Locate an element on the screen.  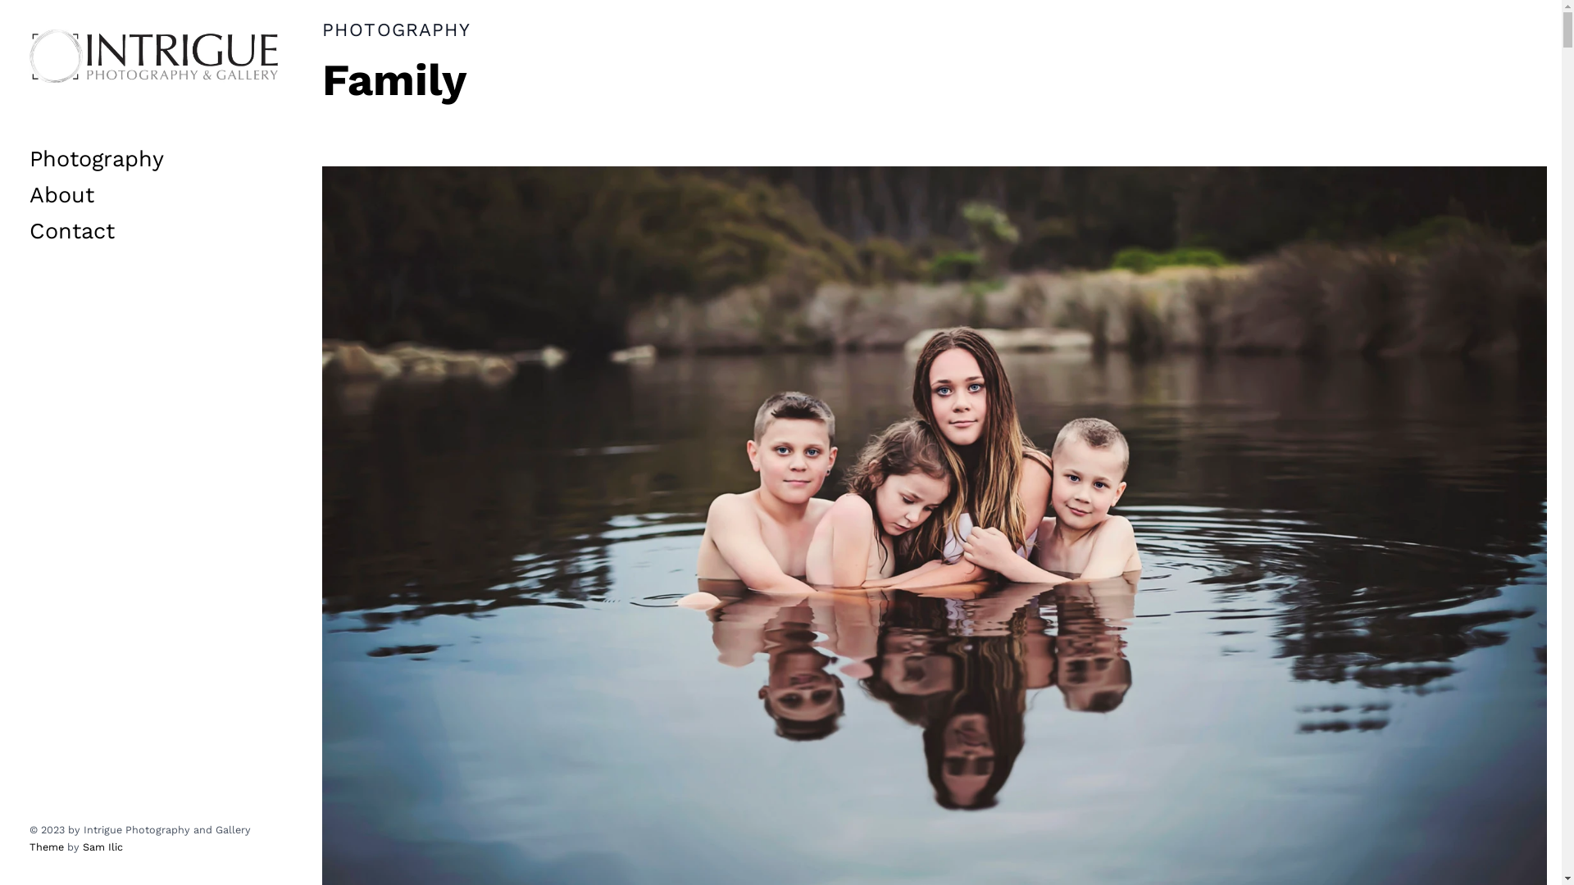
'Contact' is located at coordinates (29, 230).